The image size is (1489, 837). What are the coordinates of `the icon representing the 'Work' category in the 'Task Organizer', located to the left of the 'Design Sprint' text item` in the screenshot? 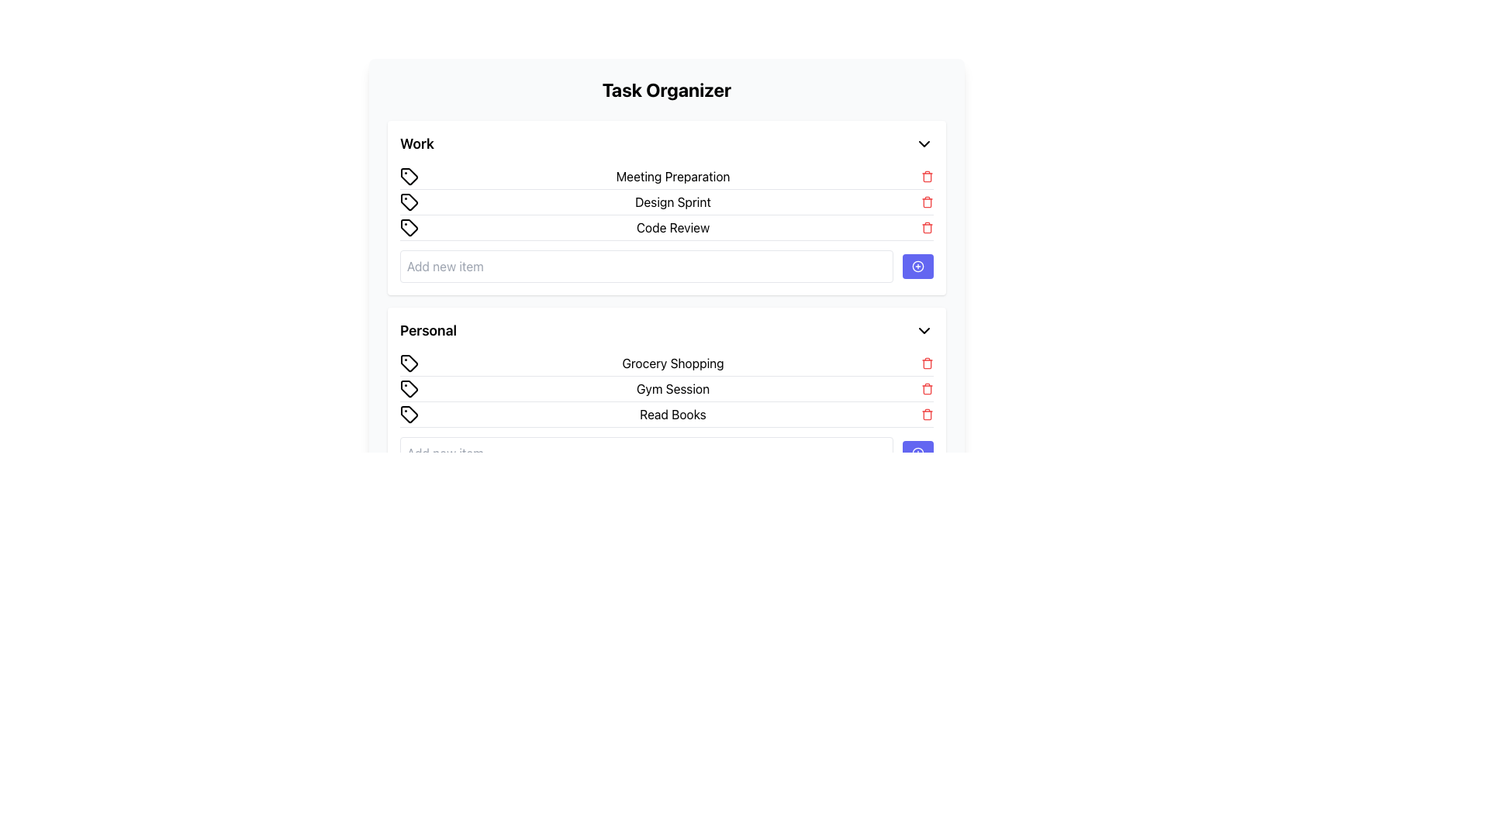 It's located at (409, 201).